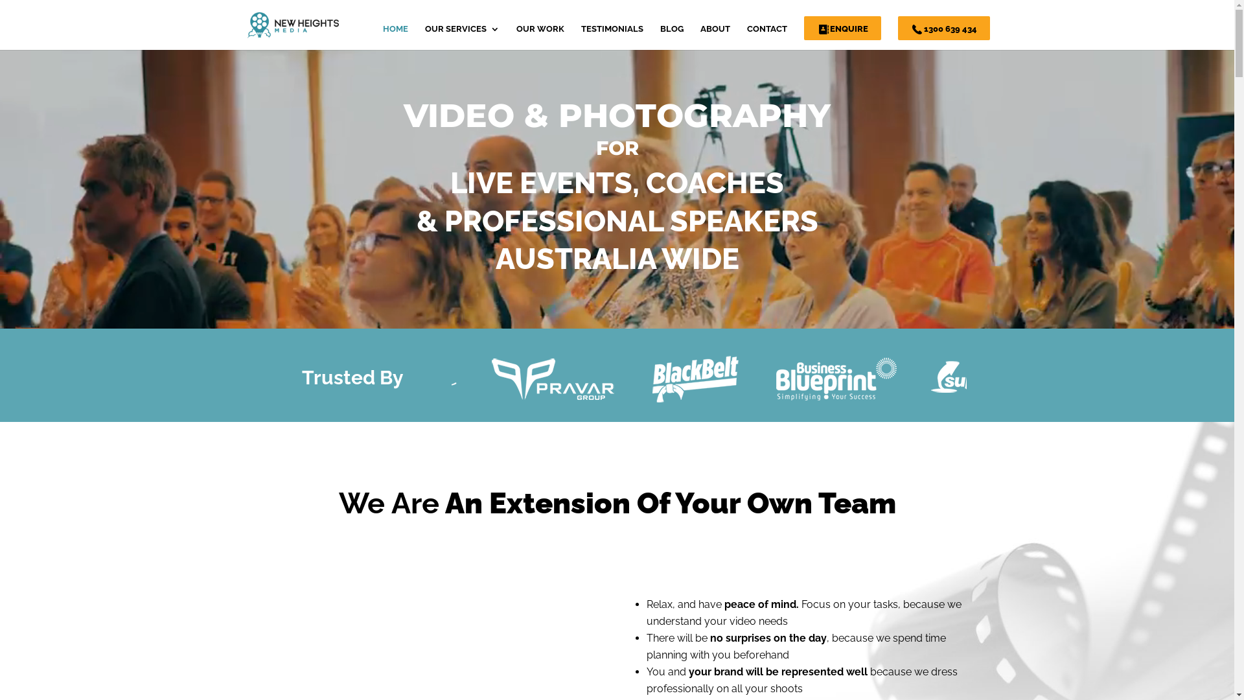  I want to click on 'ENQUIRE', so click(842, 28).